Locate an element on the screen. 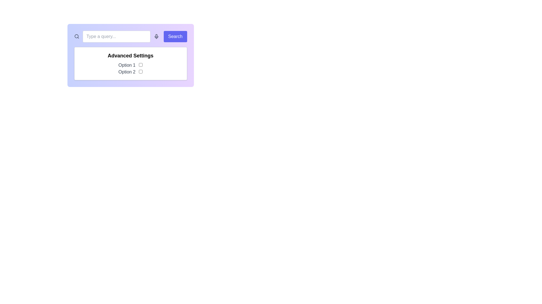 This screenshot has width=542, height=304. the 'Advanced Settings' group containing checkboxes for 'Option 1' and 'Option 2' is located at coordinates (130, 63).